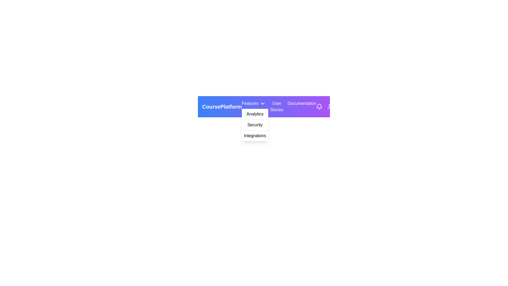 The image size is (508, 286). I want to click on the navigational Text label located in the menu, so click(250, 103).